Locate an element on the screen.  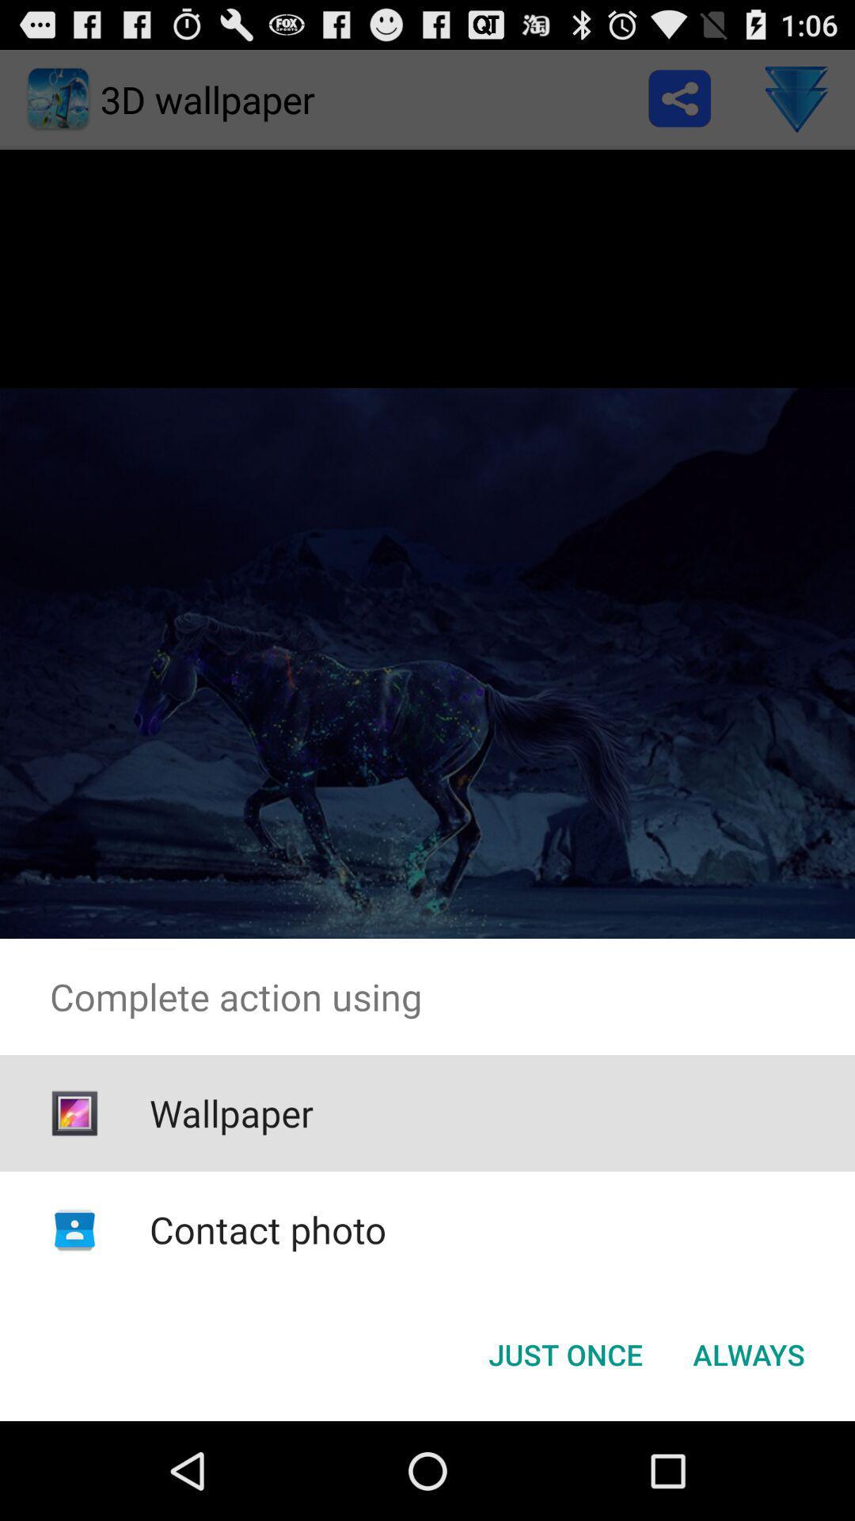
button to the right of the just once icon is located at coordinates (748, 1353).